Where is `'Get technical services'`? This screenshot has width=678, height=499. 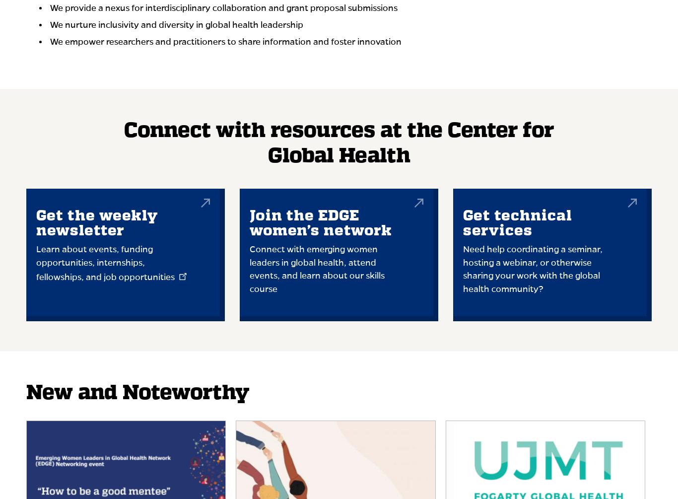 'Get technical services' is located at coordinates (463, 223).